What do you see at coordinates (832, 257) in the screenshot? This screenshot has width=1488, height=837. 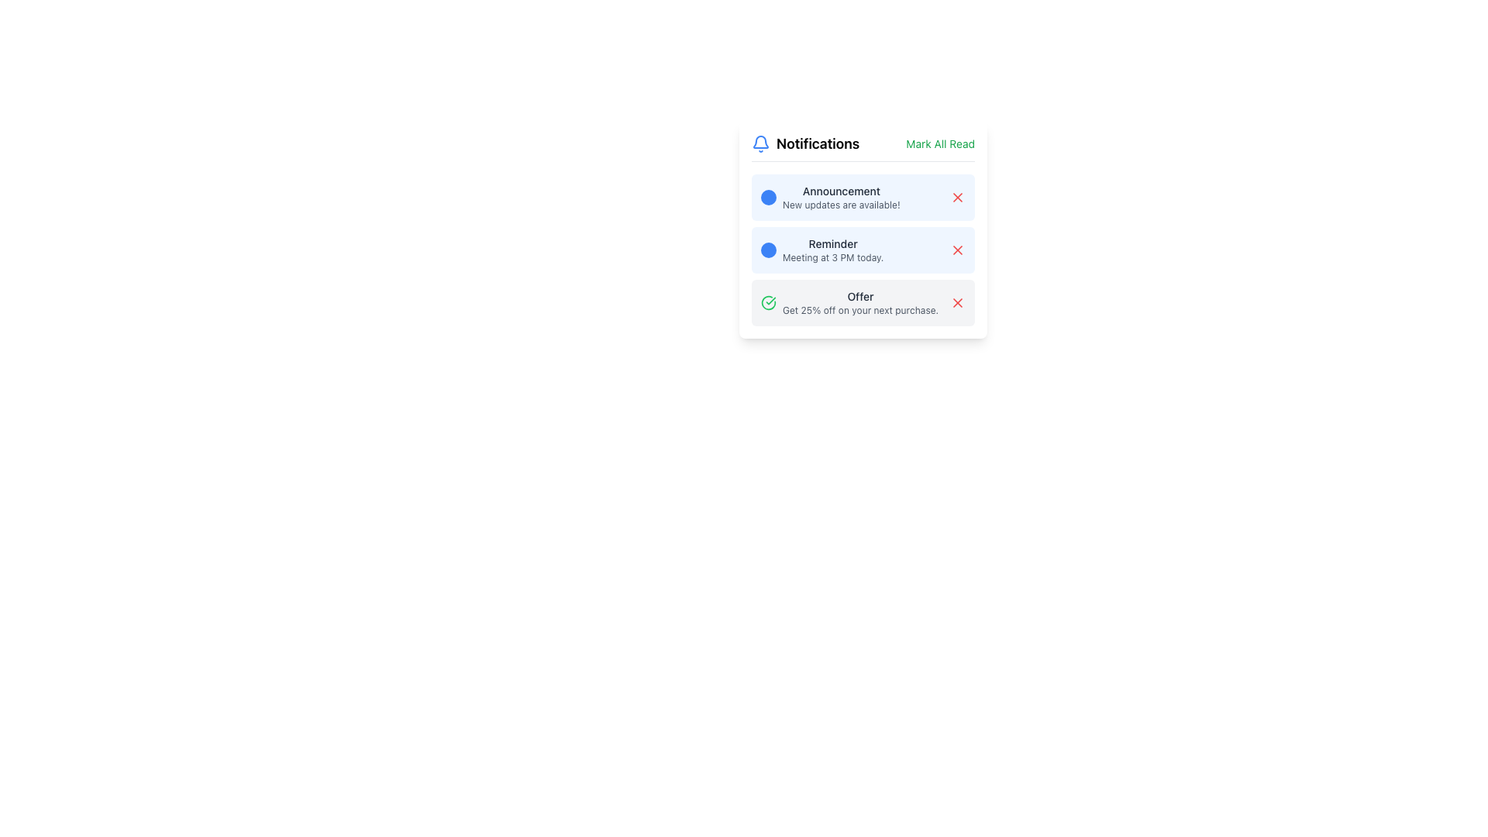 I see `the static text reading 'Meeting at 3 PM today' located in the second notification card in the upper-right section of the interface` at bounding box center [832, 257].